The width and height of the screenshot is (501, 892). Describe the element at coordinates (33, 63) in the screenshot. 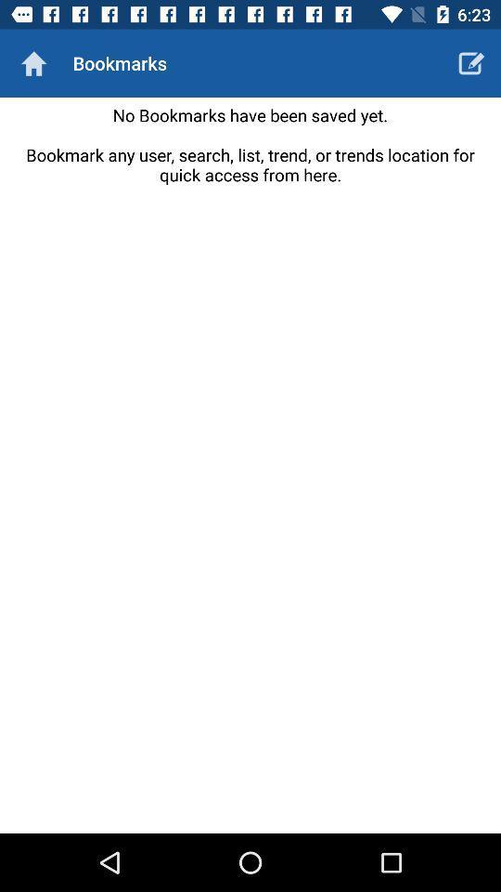

I see `the icon above the no bookmarks have item` at that location.